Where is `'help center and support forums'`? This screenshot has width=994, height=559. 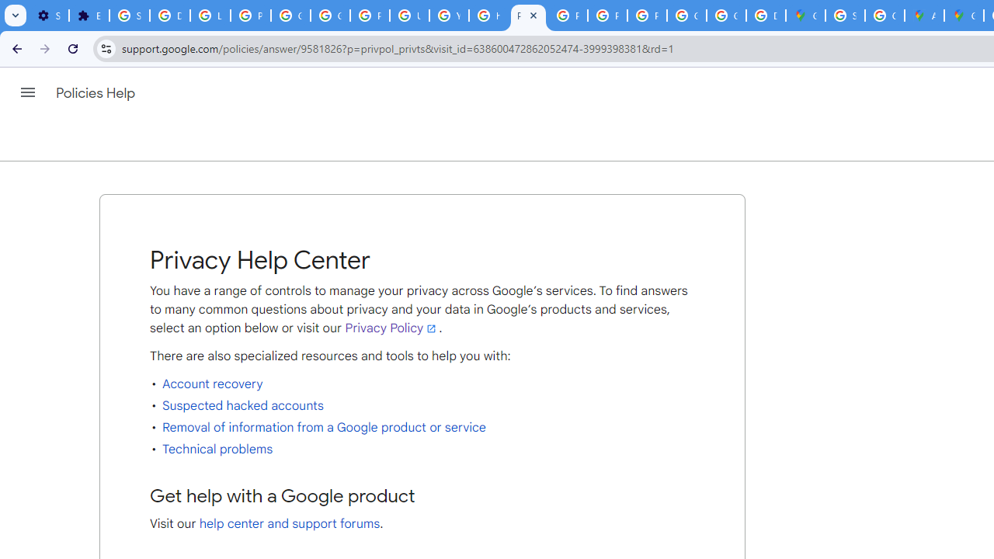 'help center and support forums' is located at coordinates (290, 524).